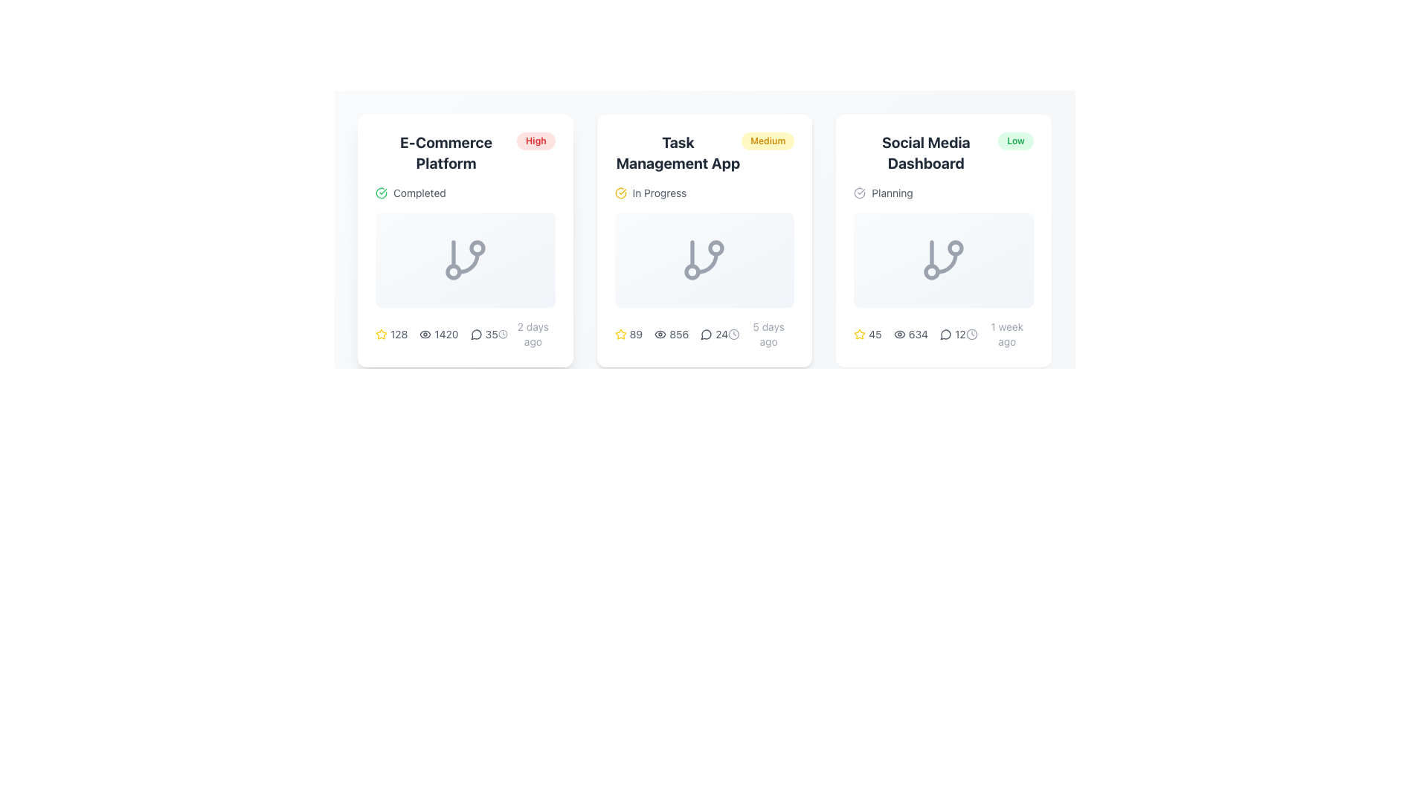 This screenshot has height=803, width=1428. I want to click on information displayed in the Text element indicating the relative time of an event, which is located at the bottom right of the 'Social Media Dashboard' card, so click(1000, 335).